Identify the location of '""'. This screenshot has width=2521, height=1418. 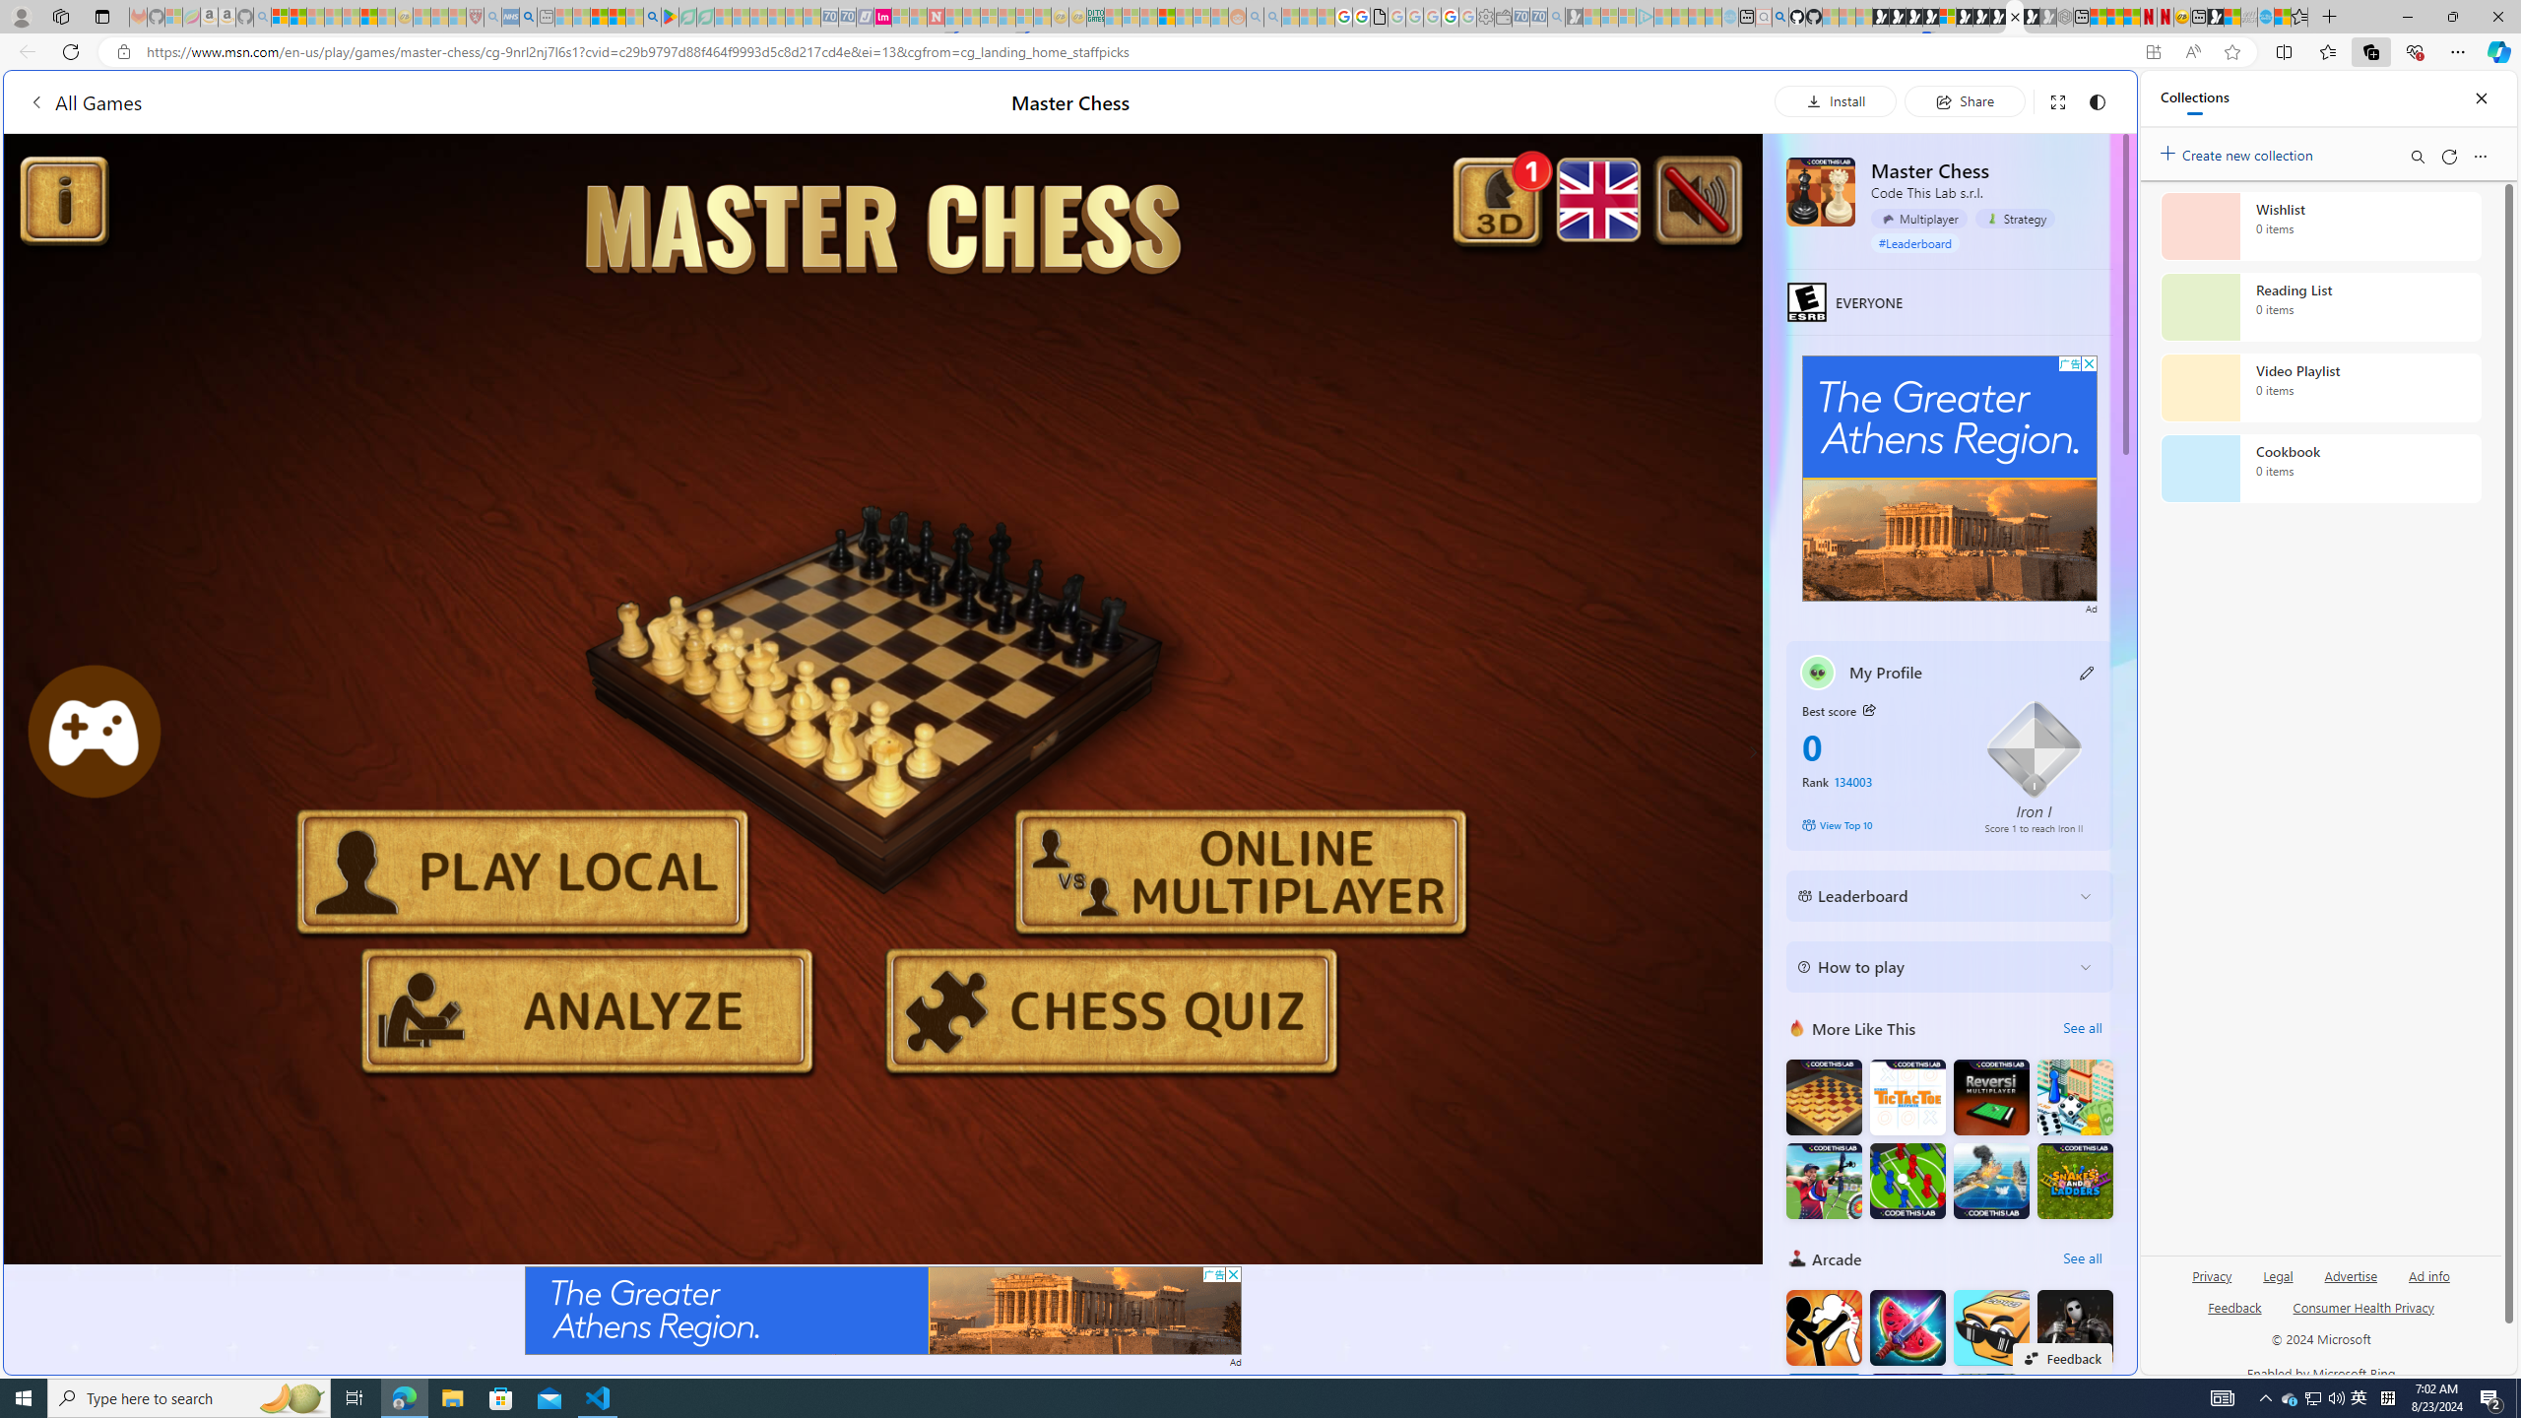
(1816, 671).